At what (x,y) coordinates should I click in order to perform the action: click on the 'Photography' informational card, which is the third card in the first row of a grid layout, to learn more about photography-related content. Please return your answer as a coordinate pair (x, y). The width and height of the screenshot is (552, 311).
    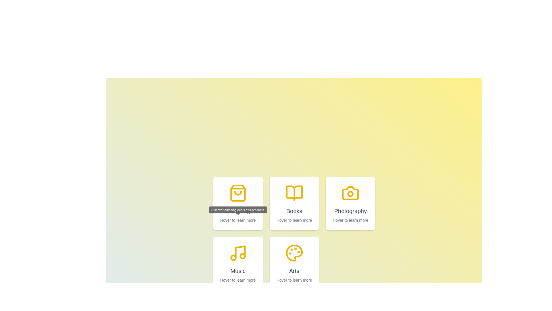
    Looking at the image, I should click on (350, 203).